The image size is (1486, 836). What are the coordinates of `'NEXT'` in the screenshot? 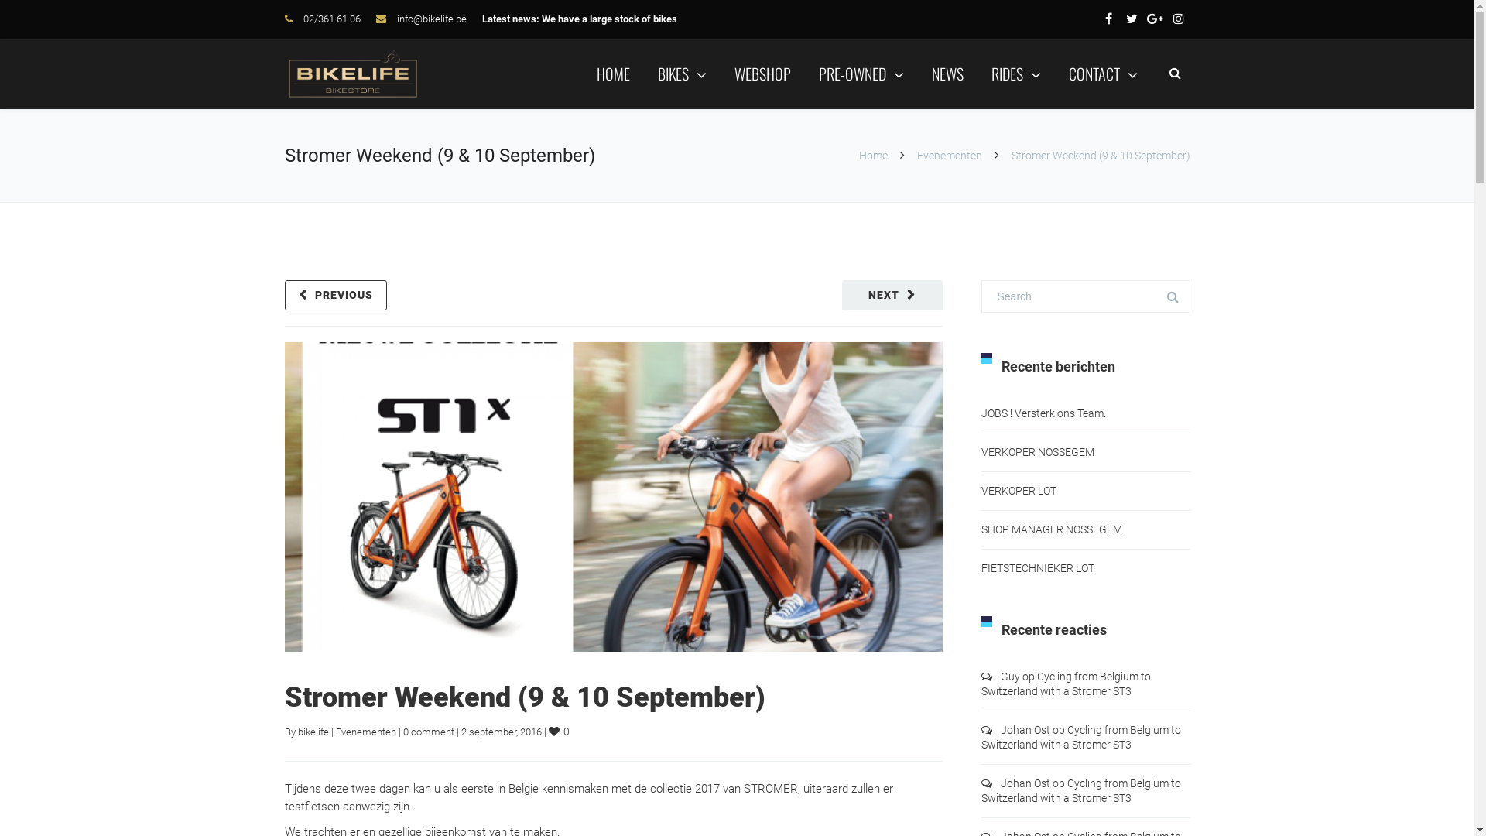 It's located at (892, 295).